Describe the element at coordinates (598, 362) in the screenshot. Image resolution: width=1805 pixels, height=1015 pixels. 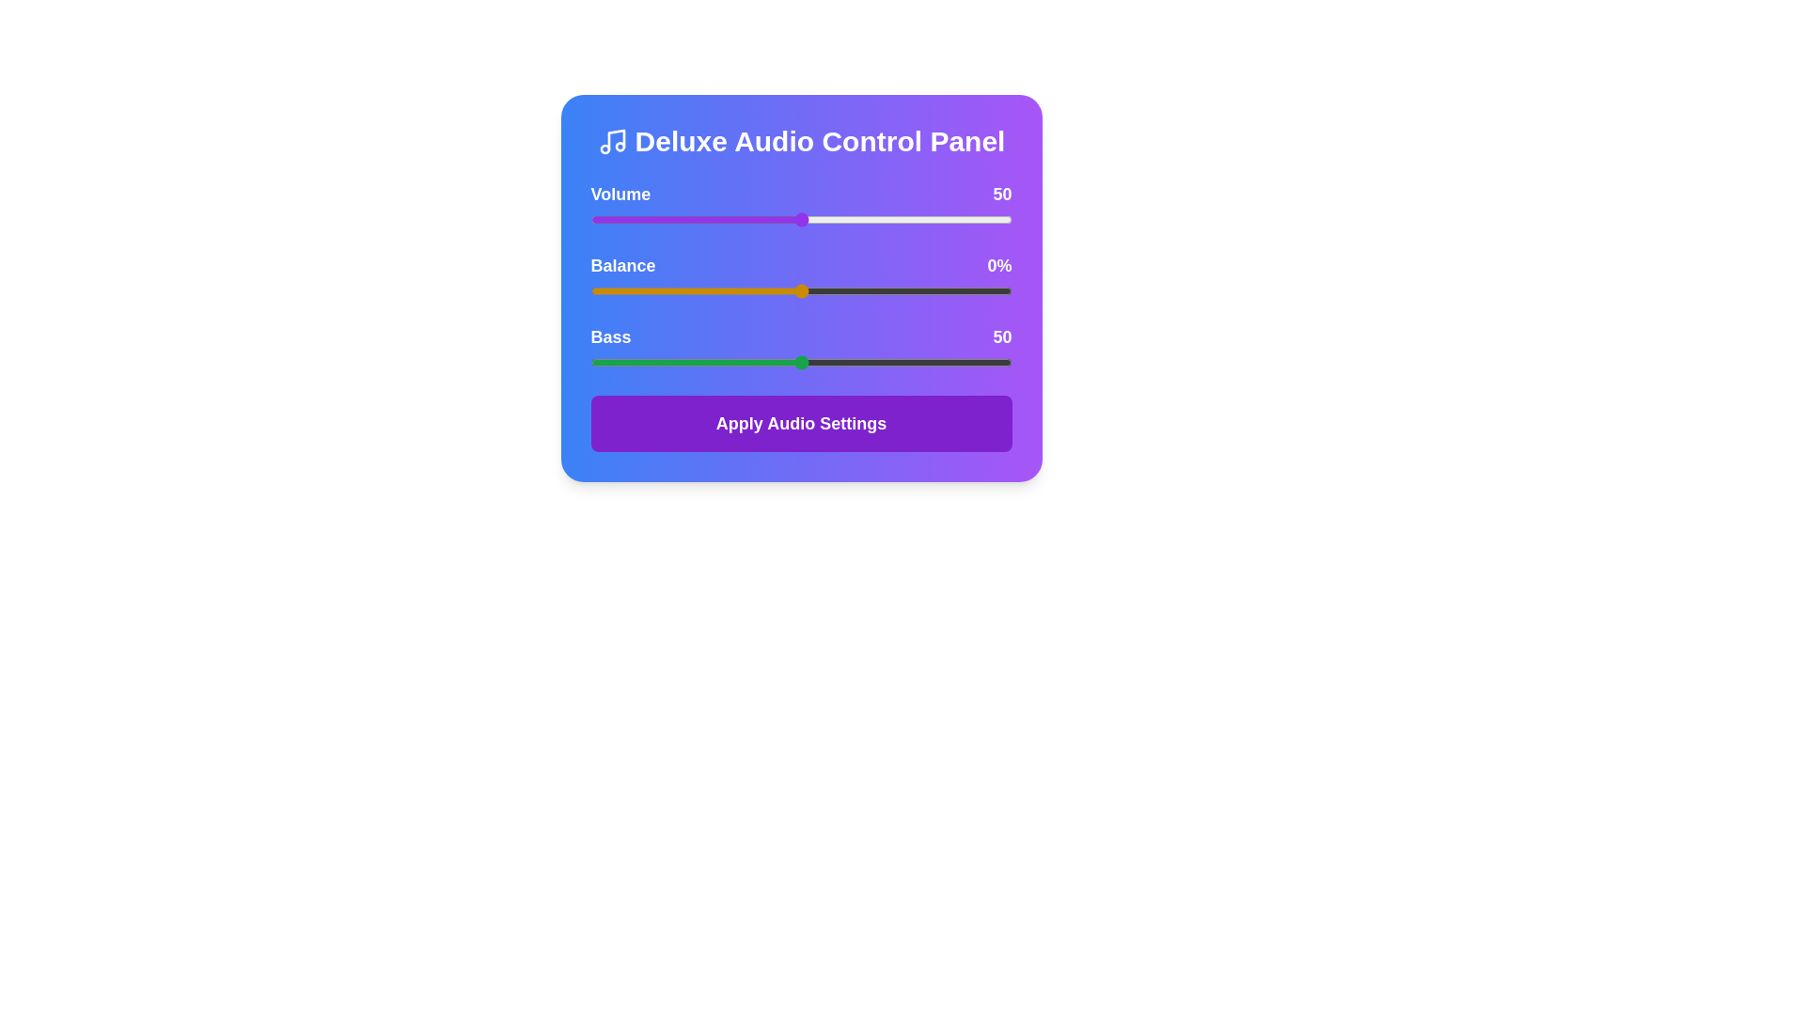
I see `bass level` at that location.